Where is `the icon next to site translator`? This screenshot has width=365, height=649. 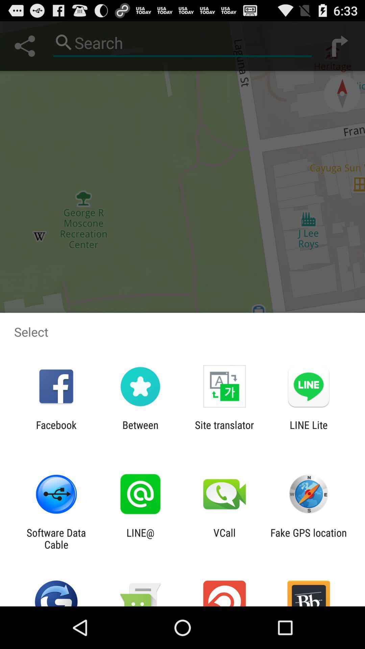
the icon next to site translator is located at coordinates (309, 431).